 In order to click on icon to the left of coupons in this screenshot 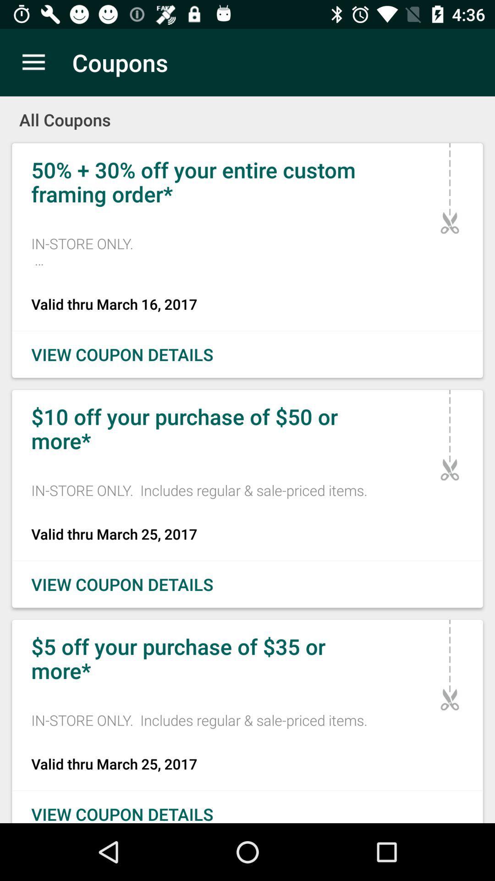, I will do `click(33, 62)`.